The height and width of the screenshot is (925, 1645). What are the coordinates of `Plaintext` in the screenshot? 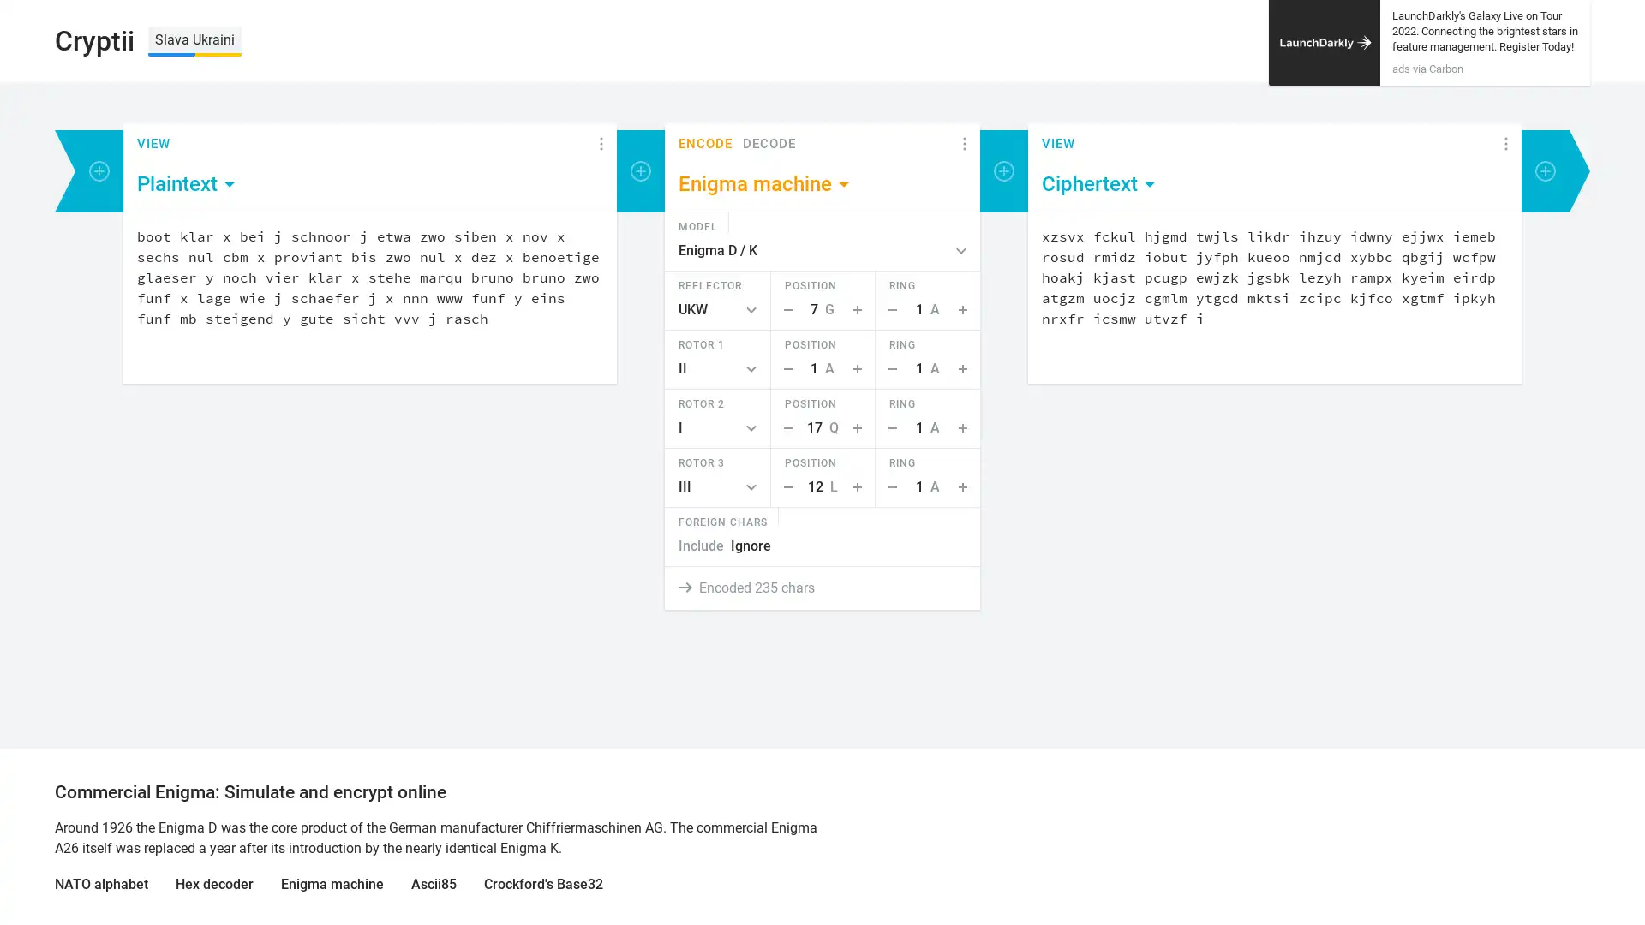 It's located at (188, 184).